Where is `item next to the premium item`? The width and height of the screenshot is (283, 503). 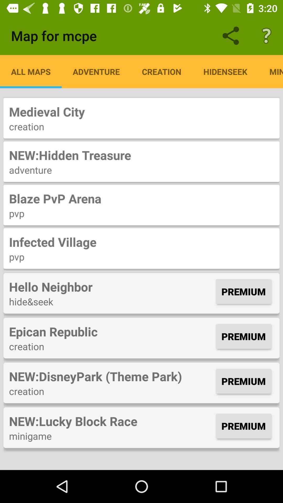 item next to the premium item is located at coordinates (111, 286).